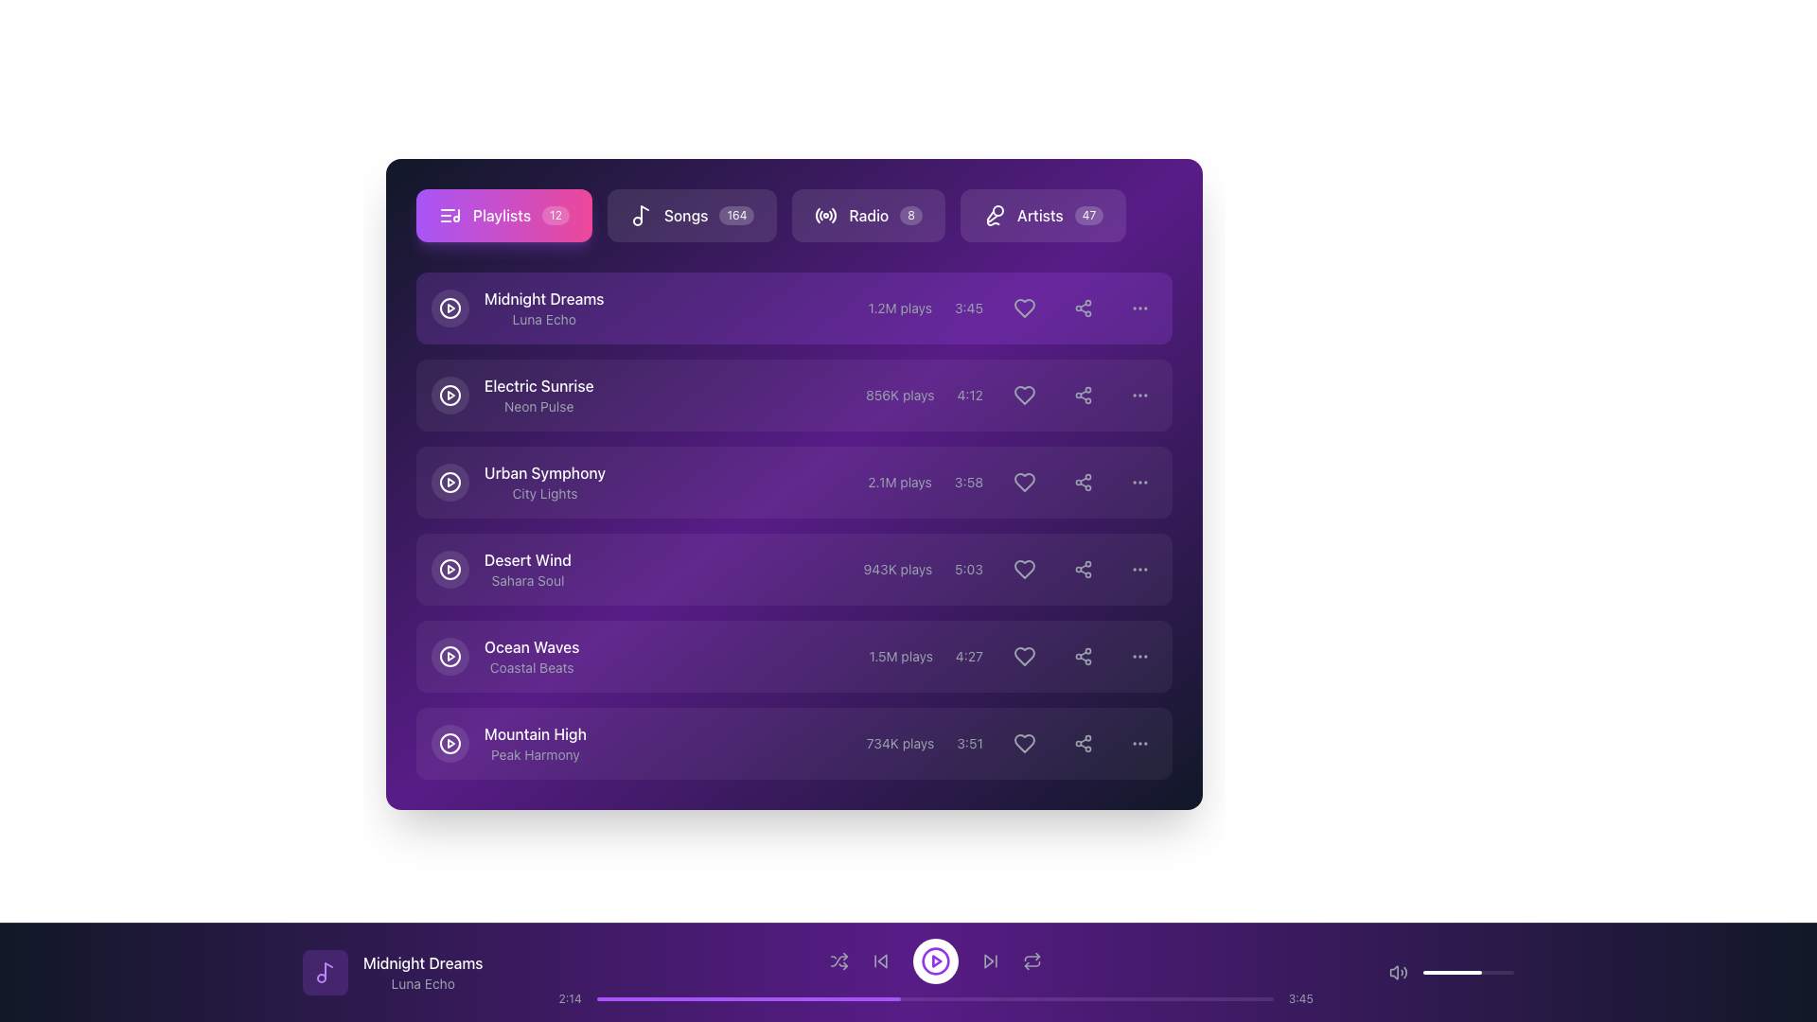 Image resolution: width=1817 pixels, height=1022 pixels. Describe the element at coordinates (970, 394) in the screenshot. I see `the text label element displaying '4:12', which is styled with a small gray font and located to the right of '856K plays' in the music playlist` at that location.